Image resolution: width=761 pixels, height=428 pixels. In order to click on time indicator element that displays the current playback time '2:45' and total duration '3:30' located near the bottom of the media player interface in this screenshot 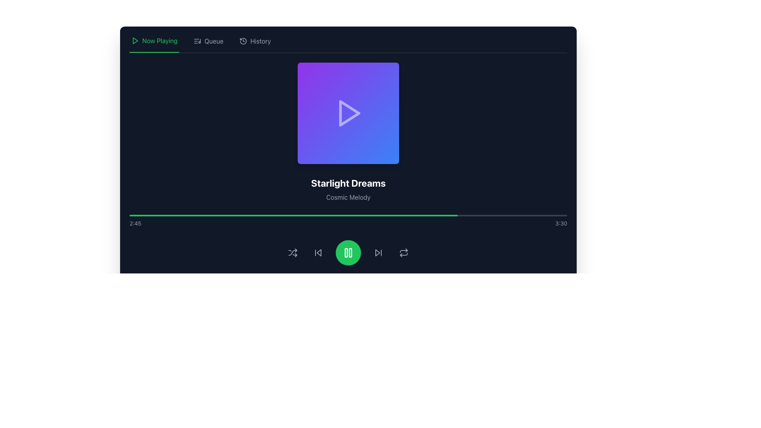, I will do `click(348, 223)`.